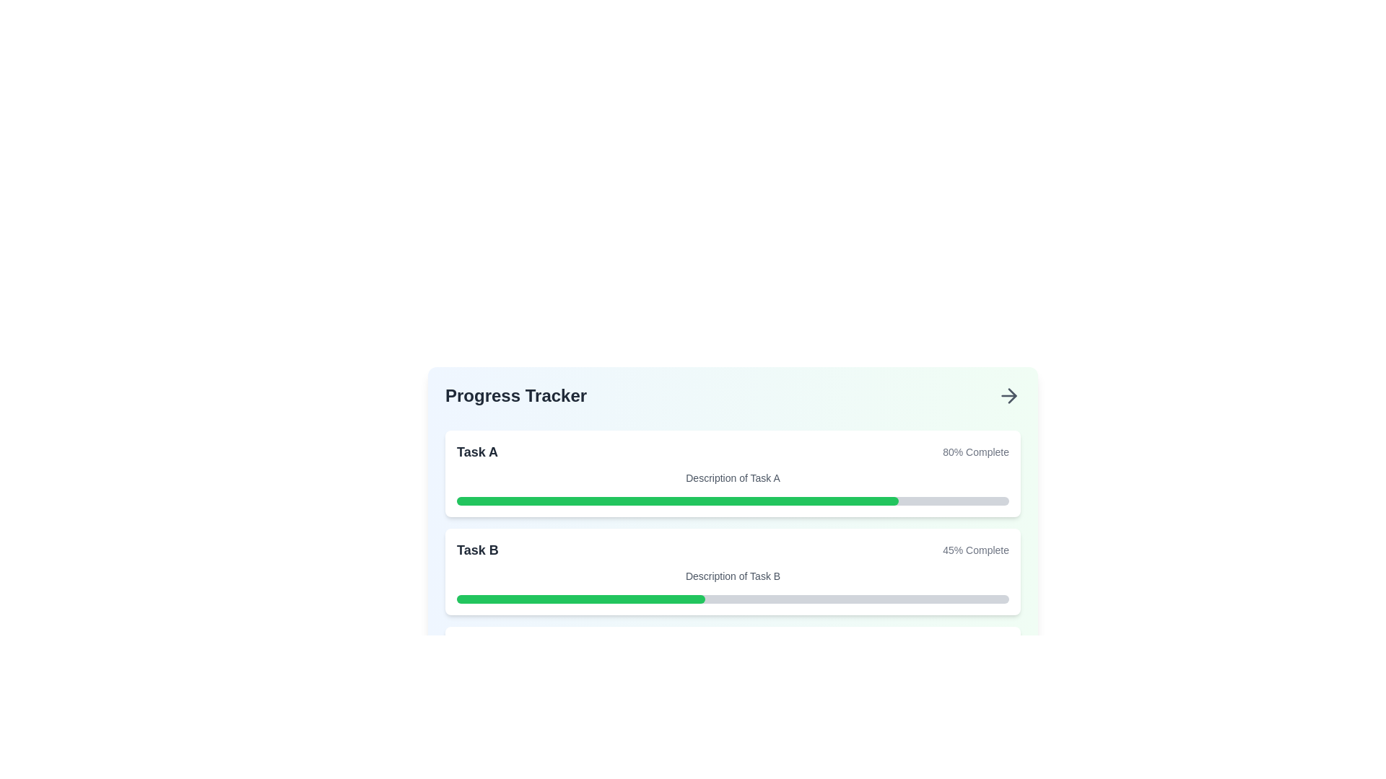 This screenshot has width=1386, height=779. I want to click on completion percentage from the Progress bar component located in the 'Progress Tracker' section, specifically the first task in the list, which visually represents the completion percentage of Task A, so click(733, 491).